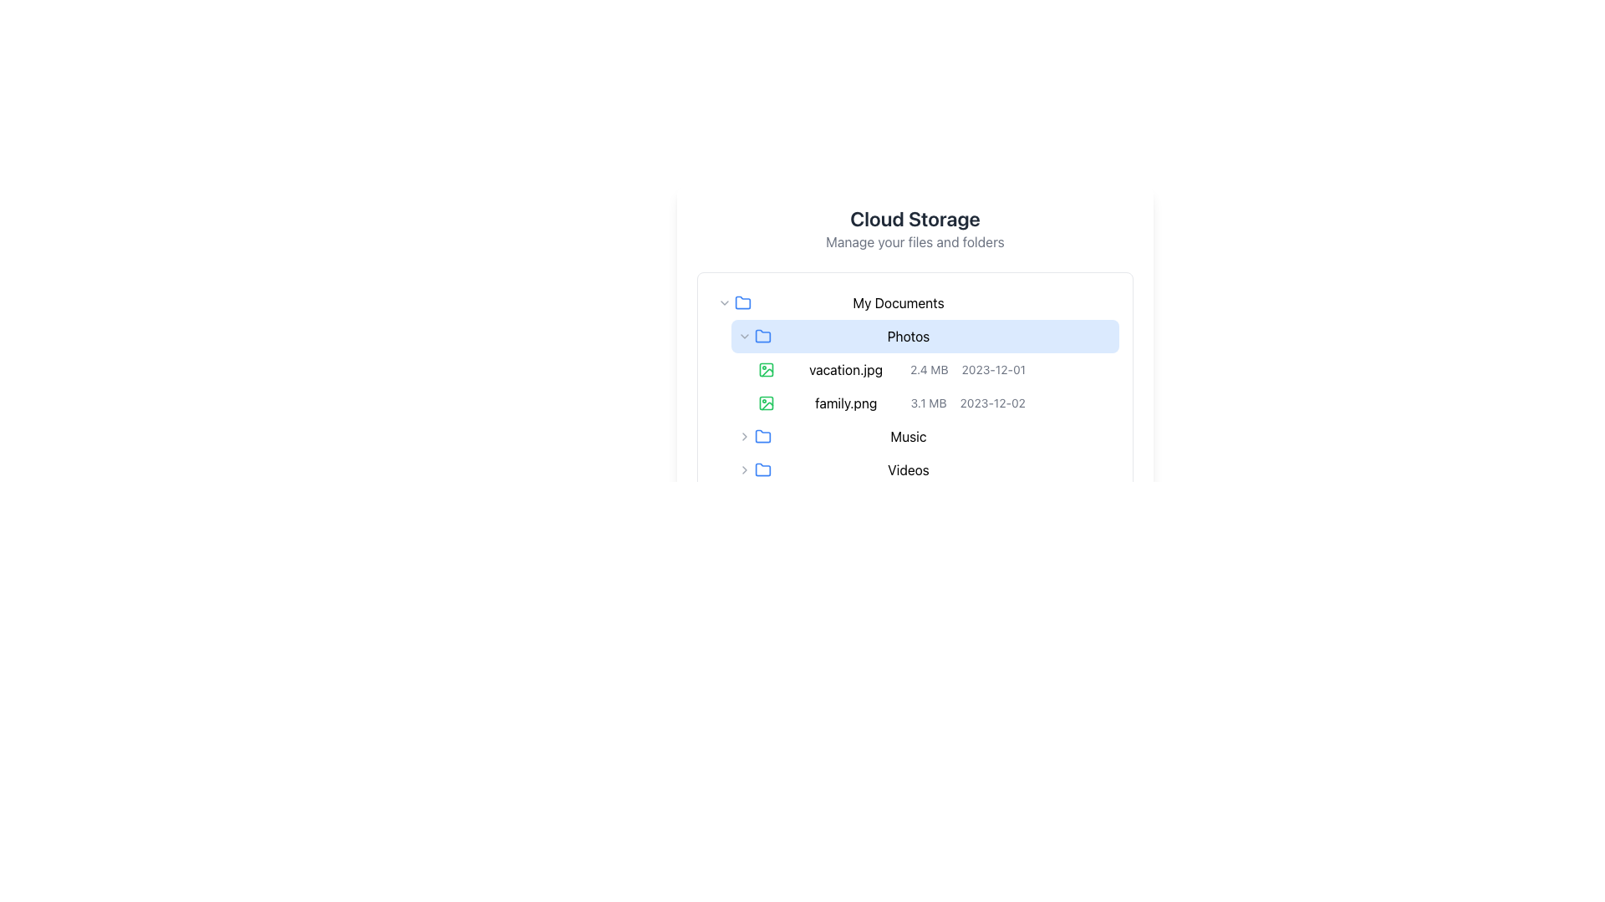 This screenshot has height=902, width=1605. What do you see at coordinates (765, 369) in the screenshot?
I see `the image file icon located to the left of 'vacation.jpg' in the list entry under the 'Photos' folder section` at bounding box center [765, 369].